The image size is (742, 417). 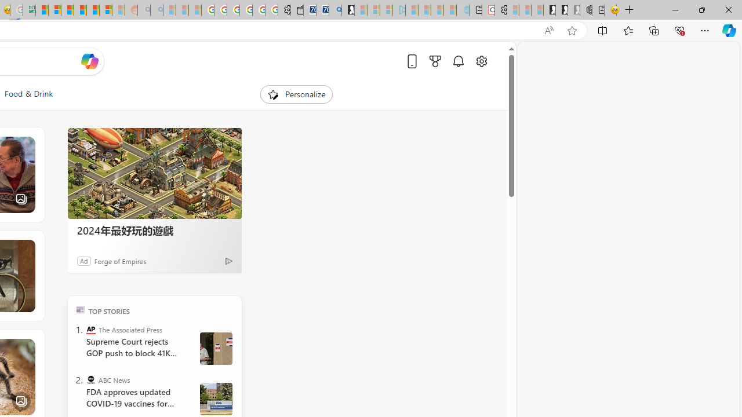 What do you see at coordinates (334, 10) in the screenshot?
I see `'Bing Real Estate - Home sales and rental listings'` at bounding box center [334, 10].